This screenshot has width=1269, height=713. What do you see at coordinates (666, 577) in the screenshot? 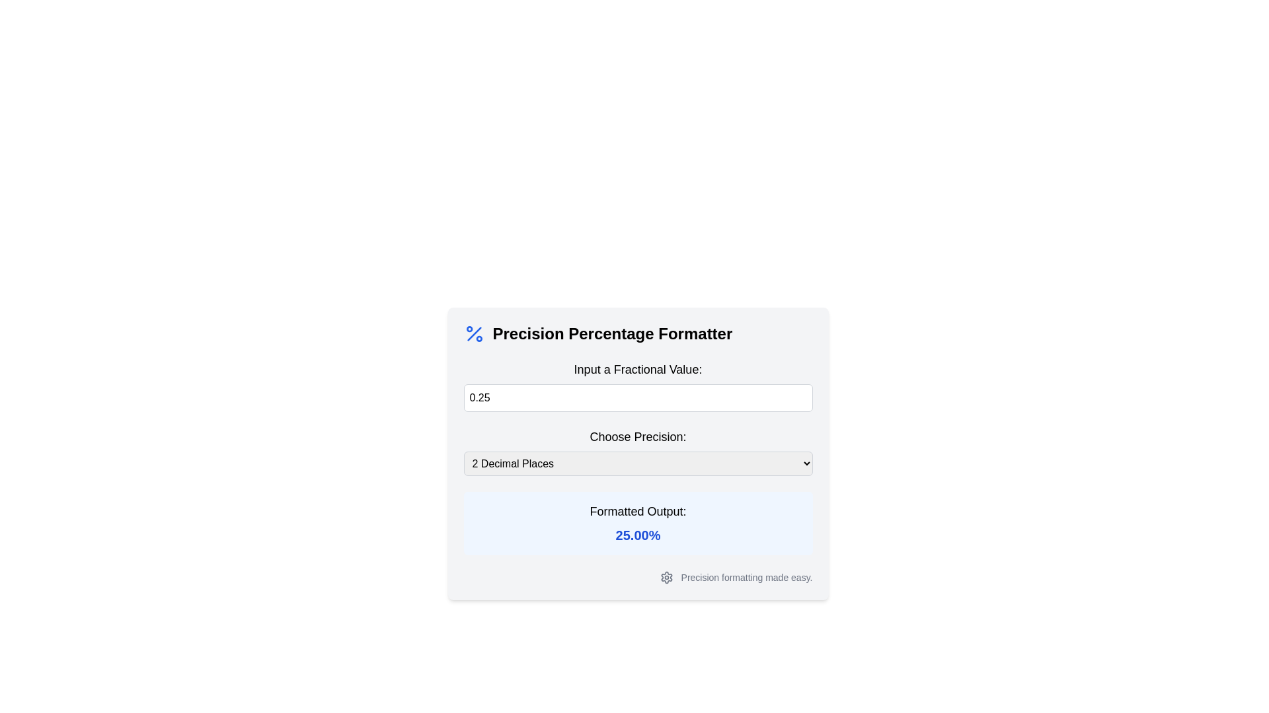
I see `the gear-shaped icon located near the bottom-right corner of the interface` at bounding box center [666, 577].